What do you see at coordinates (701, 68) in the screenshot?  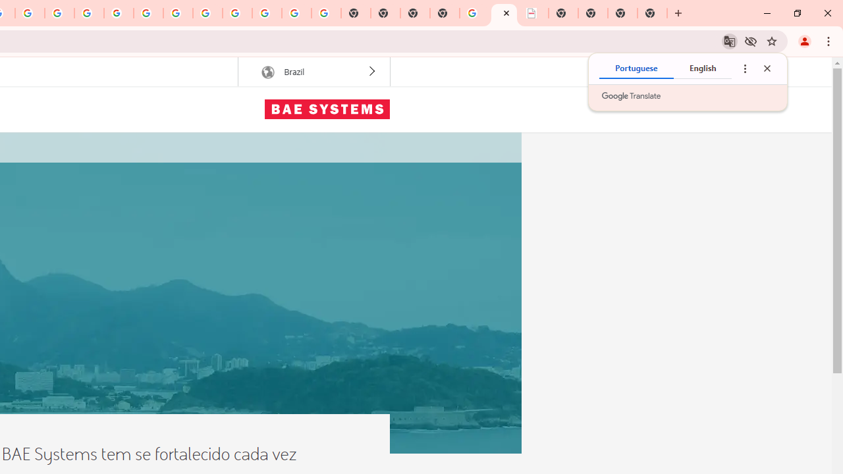 I see `'English'` at bounding box center [701, 68].